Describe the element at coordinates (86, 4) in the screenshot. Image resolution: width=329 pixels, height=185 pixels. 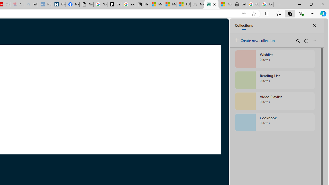
I see `'Google Analytics Opt-out Browser Add-on Download Page'` at that location.